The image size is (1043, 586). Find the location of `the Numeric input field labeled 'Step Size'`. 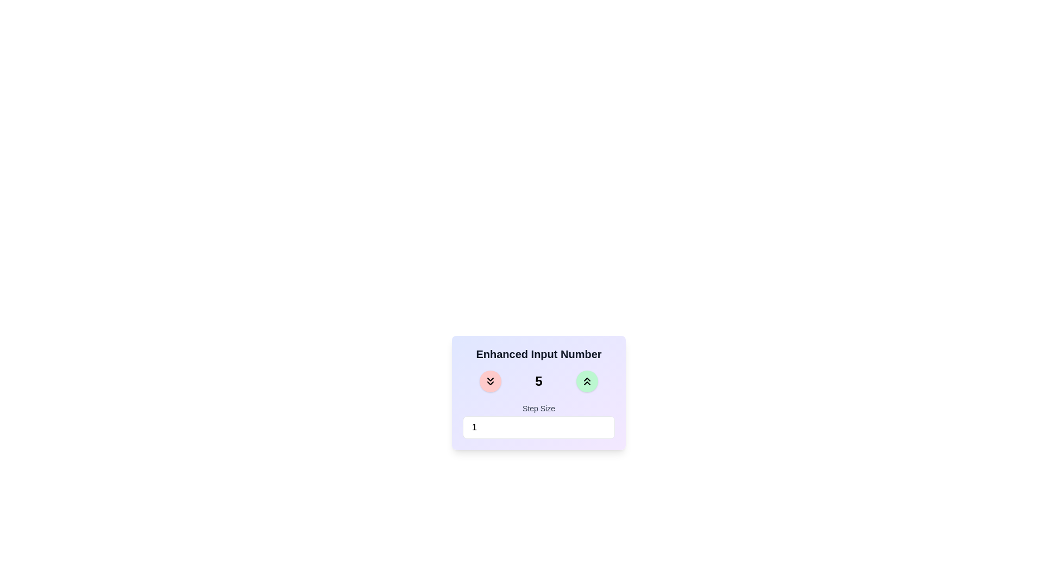

the Numeric input field labeled 'Step Size' is located at coordinates (539, 420).